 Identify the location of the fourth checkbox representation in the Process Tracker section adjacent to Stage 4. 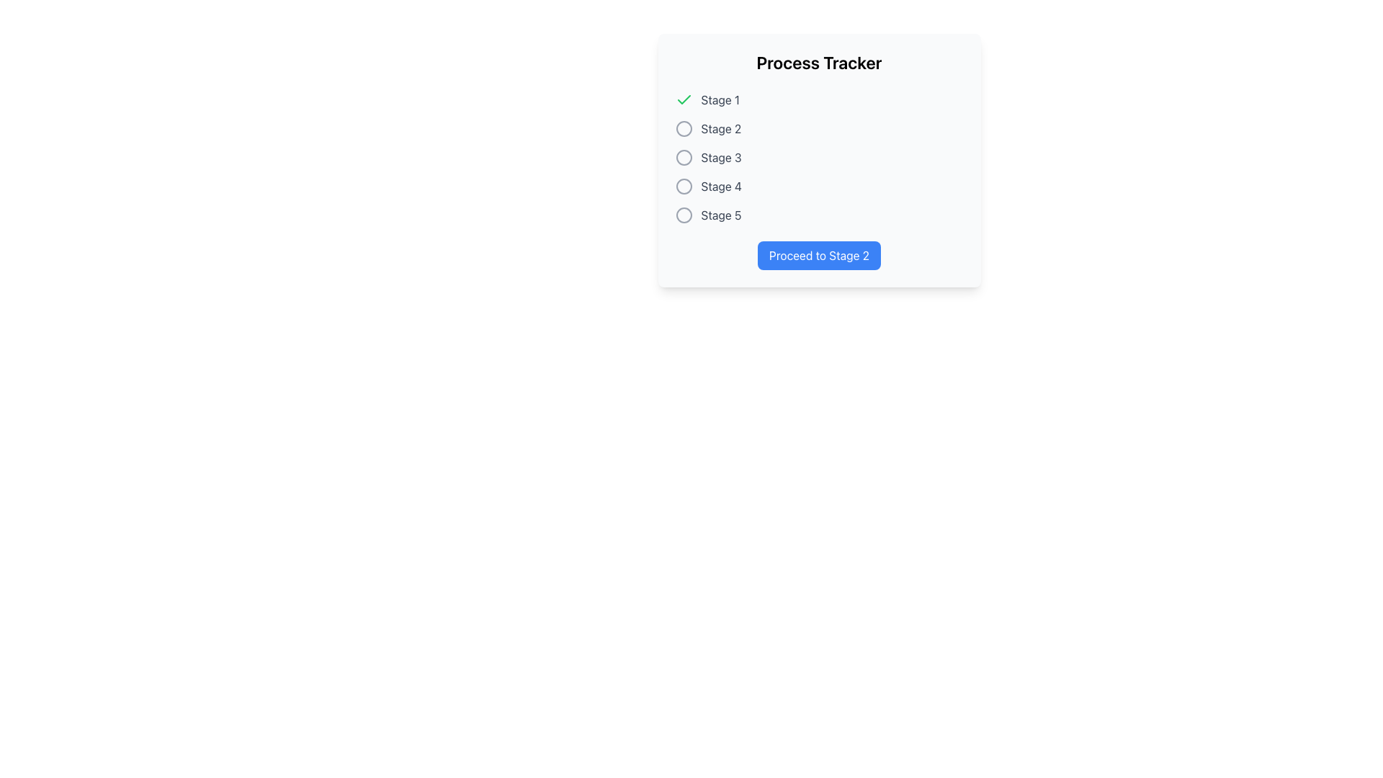
(683, 185).